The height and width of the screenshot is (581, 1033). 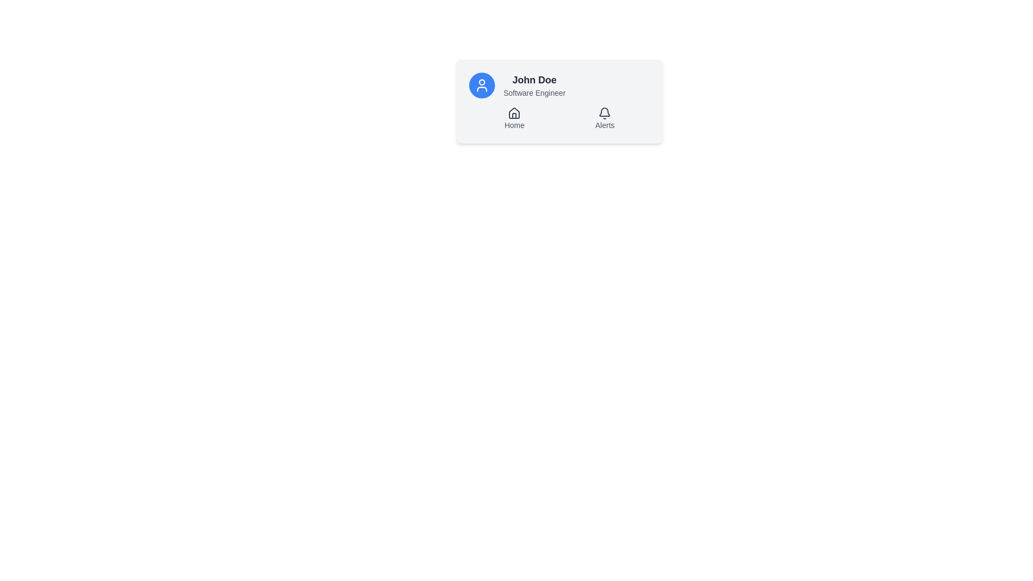 I want to click on the 'Home' navigation item, which features a house icon and gray text, so click(x=514, y=118).